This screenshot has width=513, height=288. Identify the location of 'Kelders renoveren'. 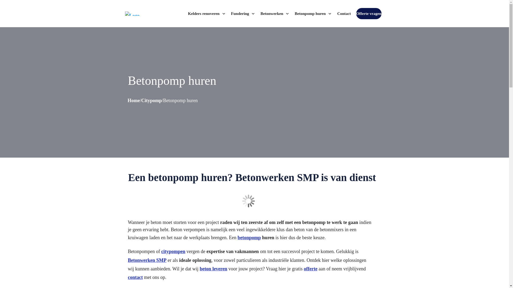
(206, 13).